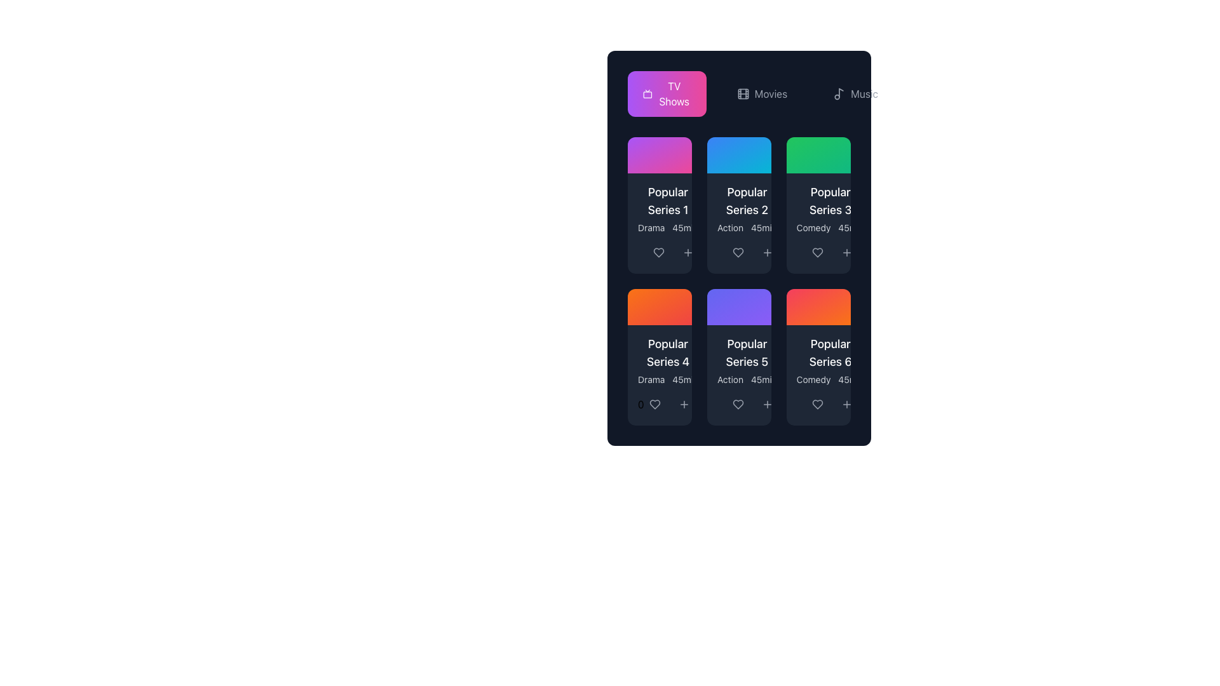 The image size is (1220, 686). I want to click on the share button located as the rightmost element in the horizontal group of buttons below the card labeled 'Popular Series 6' to initiate a share action, so click(796, 404).